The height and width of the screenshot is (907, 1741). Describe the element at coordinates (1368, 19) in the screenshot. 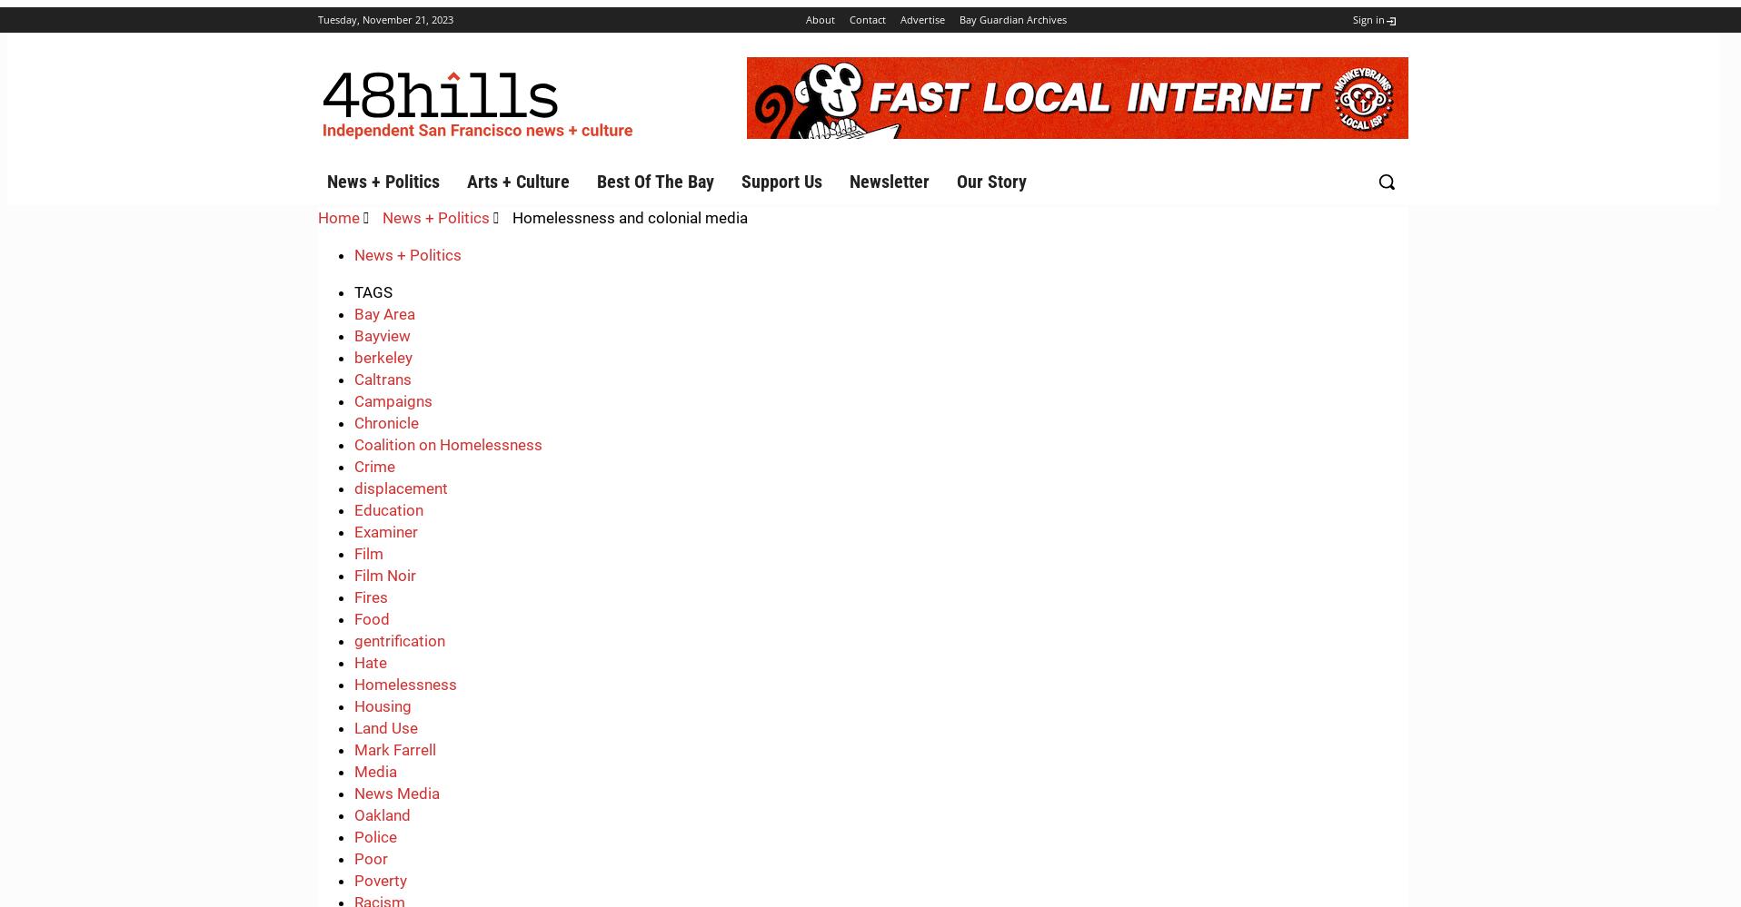

I see `'Sign in'` at that location.